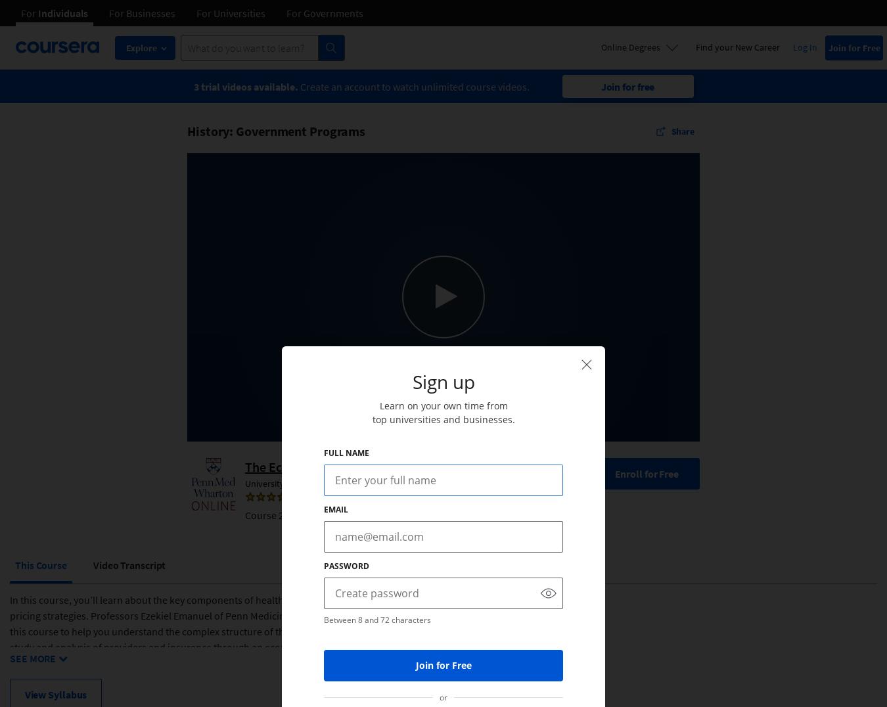  I want to click on 'Enroll for Free', so click(646, 472).